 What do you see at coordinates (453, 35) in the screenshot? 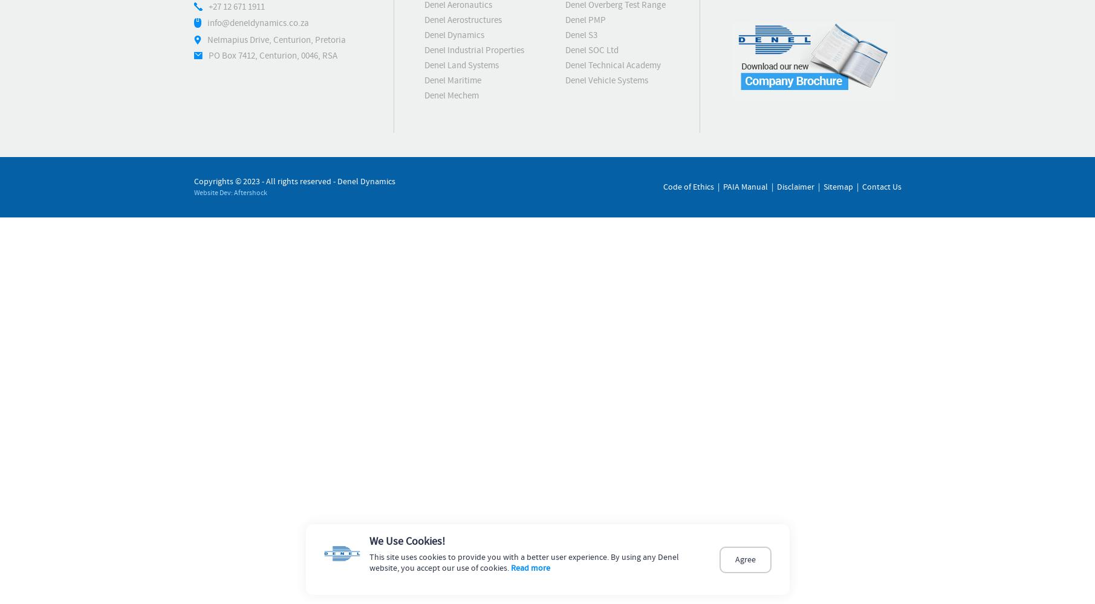
I see `'Denel Dynamics'` at bounding box center [453, 35].